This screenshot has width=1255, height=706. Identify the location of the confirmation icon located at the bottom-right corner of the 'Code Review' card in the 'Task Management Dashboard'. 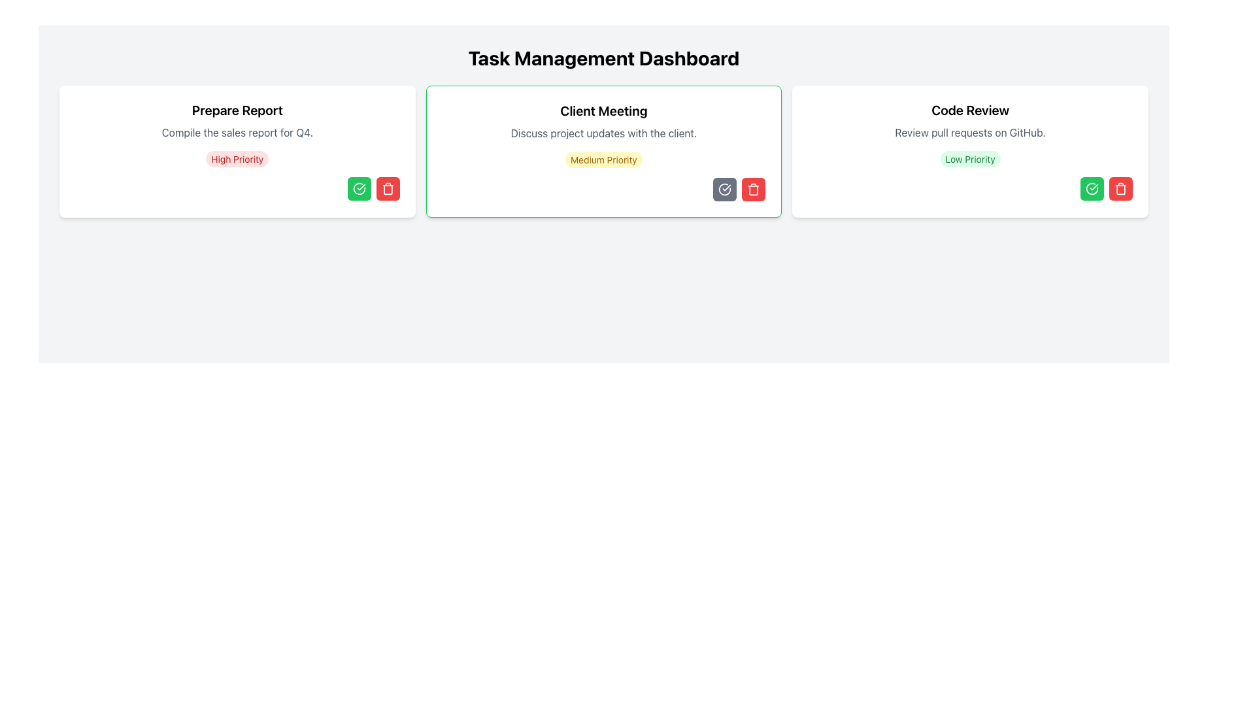
(1092, 189).